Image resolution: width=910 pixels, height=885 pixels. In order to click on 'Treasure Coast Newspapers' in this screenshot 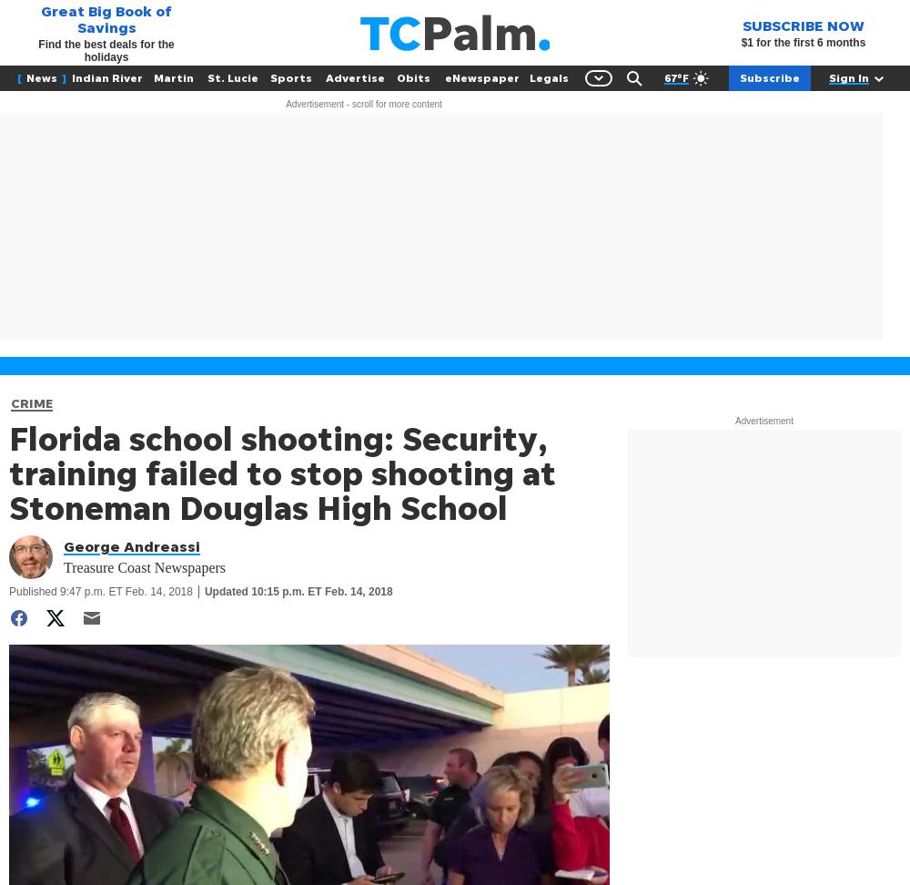, I will do `click(145, 567)`.